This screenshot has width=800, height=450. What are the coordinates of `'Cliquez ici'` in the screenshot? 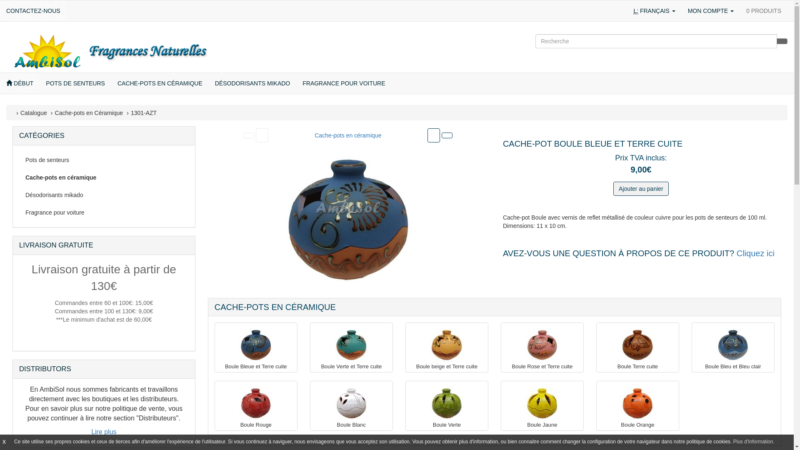 It's located at (755, 253).